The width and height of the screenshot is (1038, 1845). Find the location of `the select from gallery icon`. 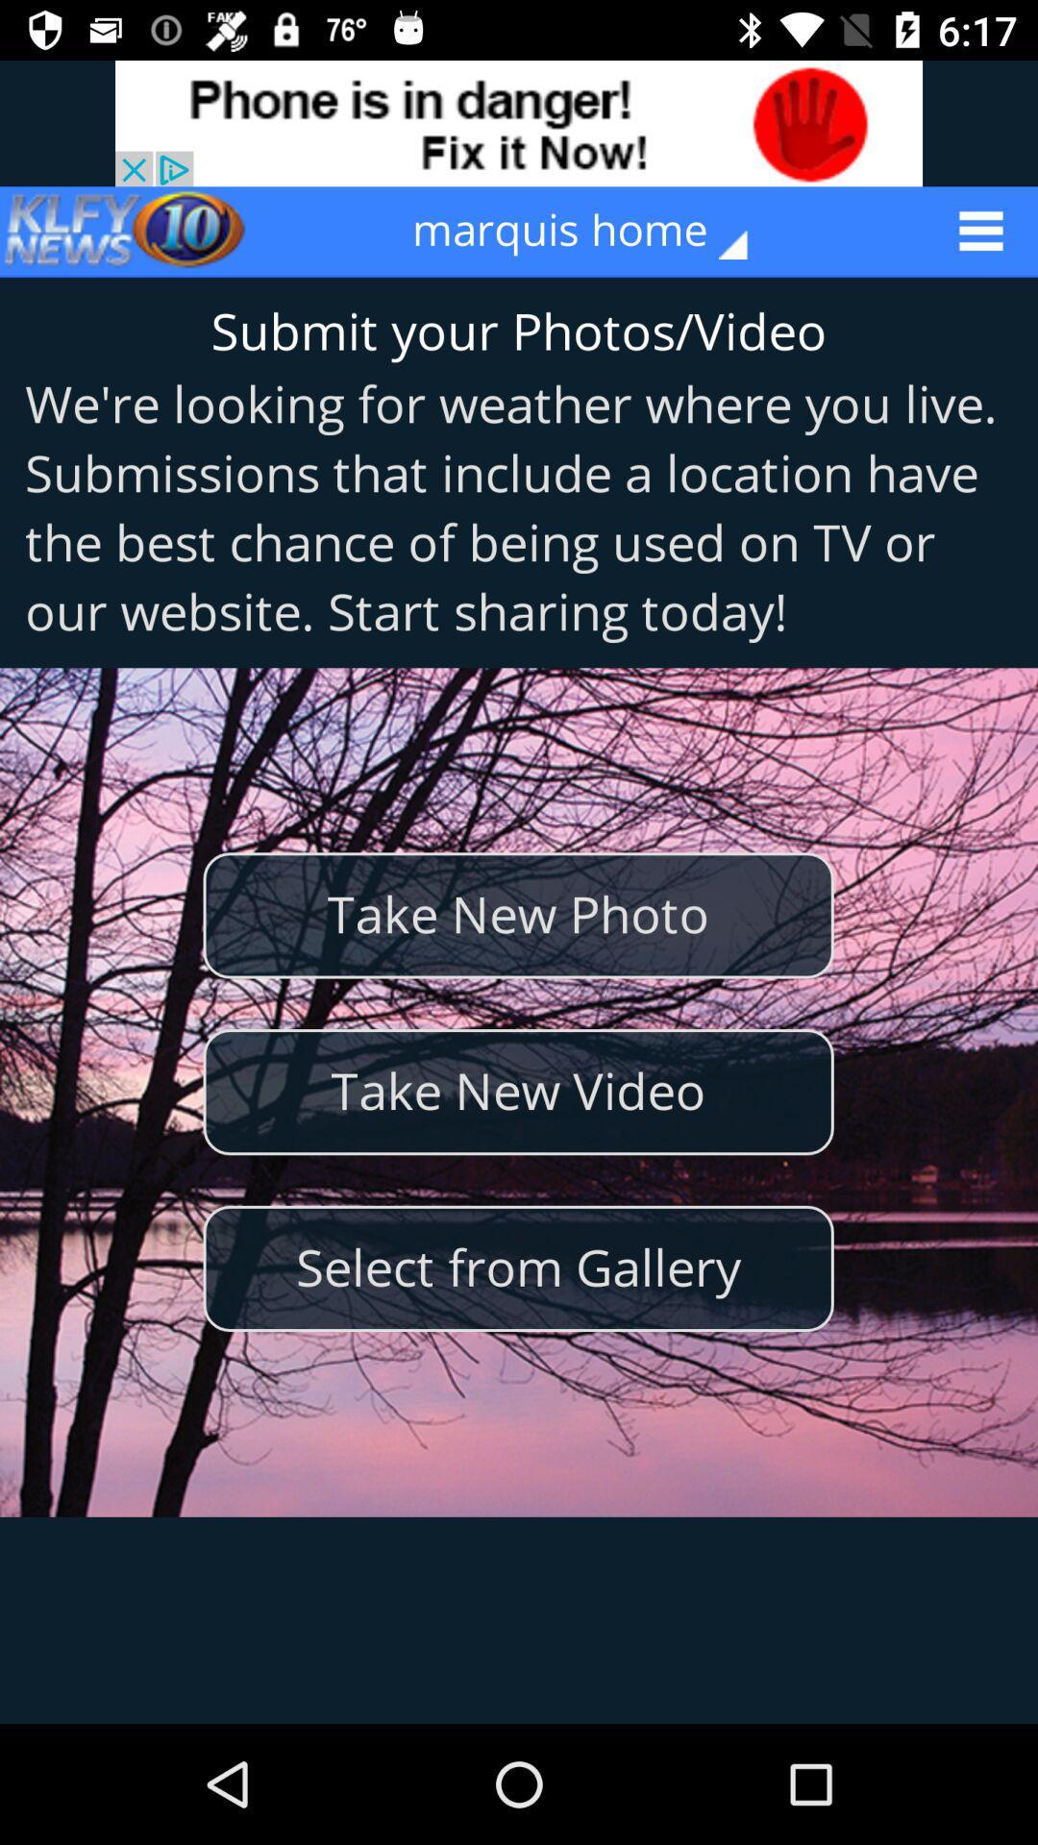

the select from gallery icon is located at coordinates (517, 1268).